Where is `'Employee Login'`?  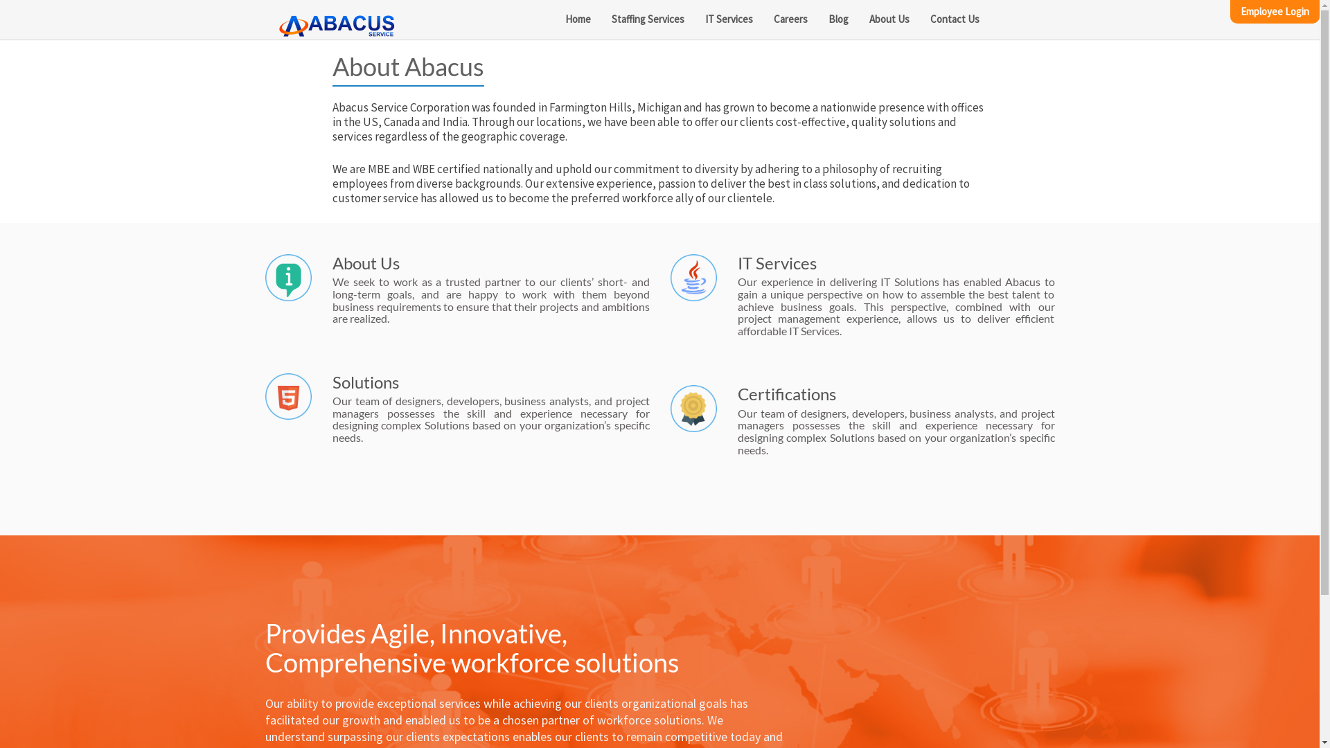 'Employee Login' is located at coordinates (1275, 11).